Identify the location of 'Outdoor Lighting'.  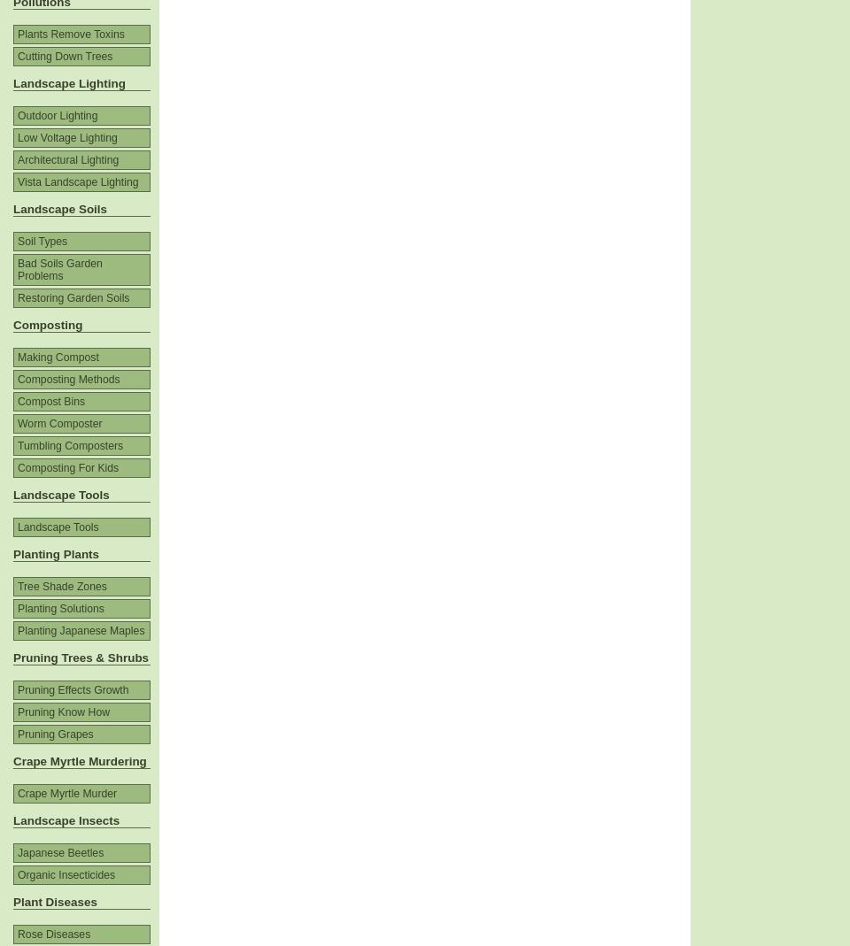
(16, 115).